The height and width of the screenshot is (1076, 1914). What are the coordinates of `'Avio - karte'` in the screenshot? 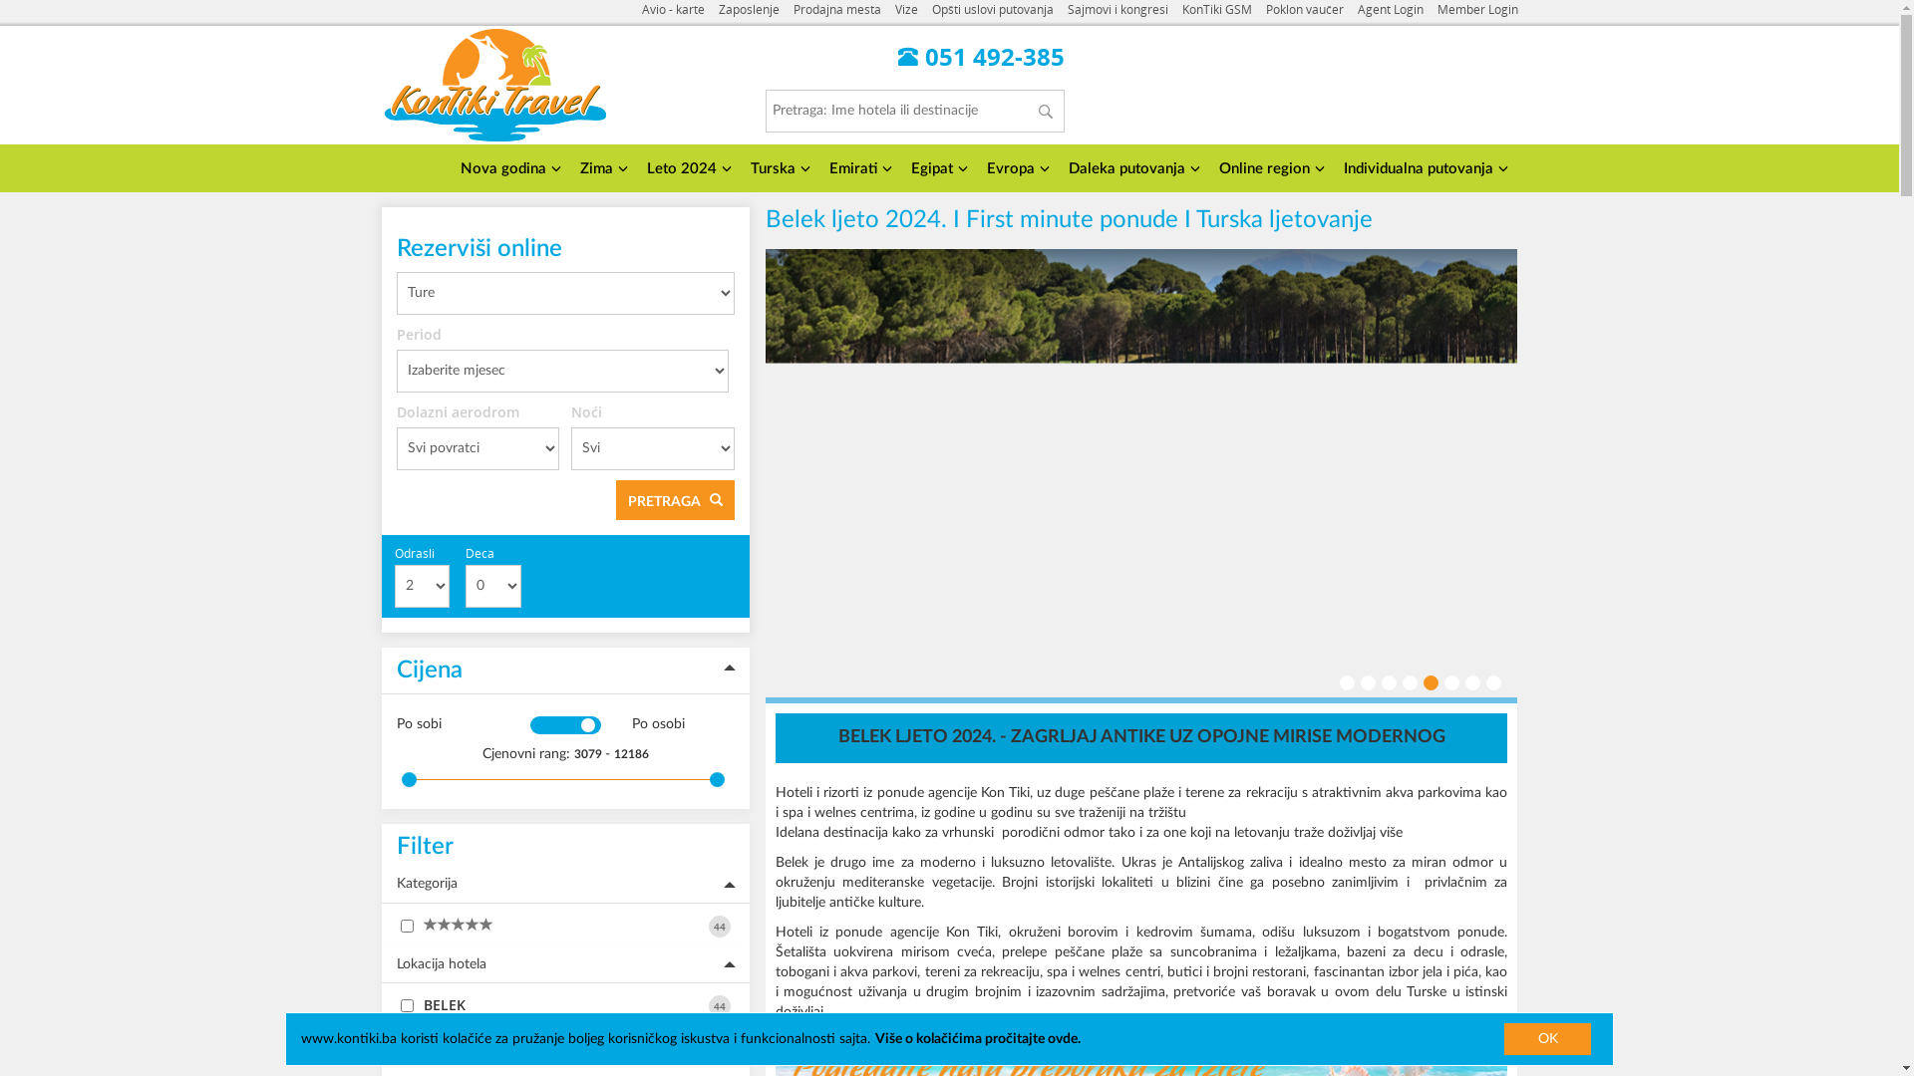 It's located at (673, 10).